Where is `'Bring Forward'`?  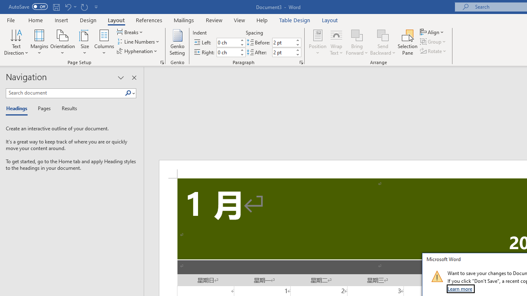 'Bring Forward' is located at coordinates (357, 42).